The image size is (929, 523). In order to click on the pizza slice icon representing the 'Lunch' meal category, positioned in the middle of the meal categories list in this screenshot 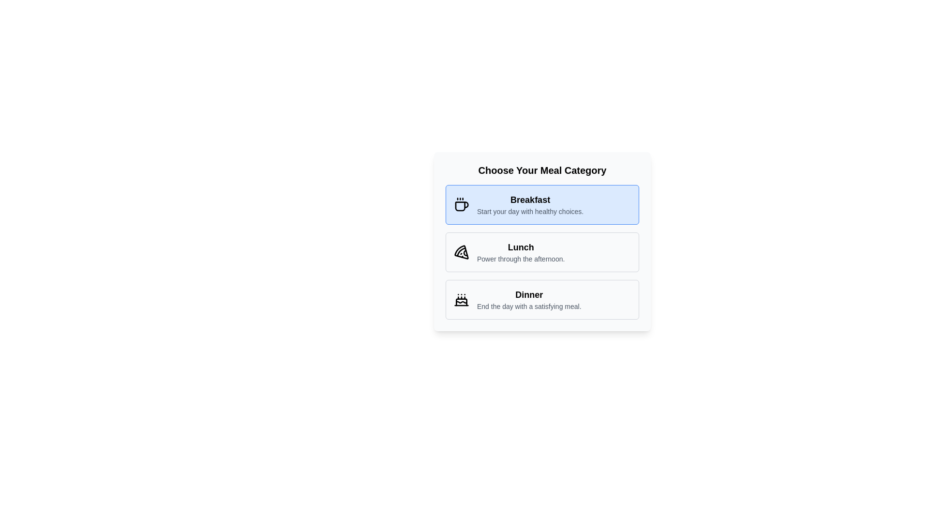, I will do `click(461, 251)`.